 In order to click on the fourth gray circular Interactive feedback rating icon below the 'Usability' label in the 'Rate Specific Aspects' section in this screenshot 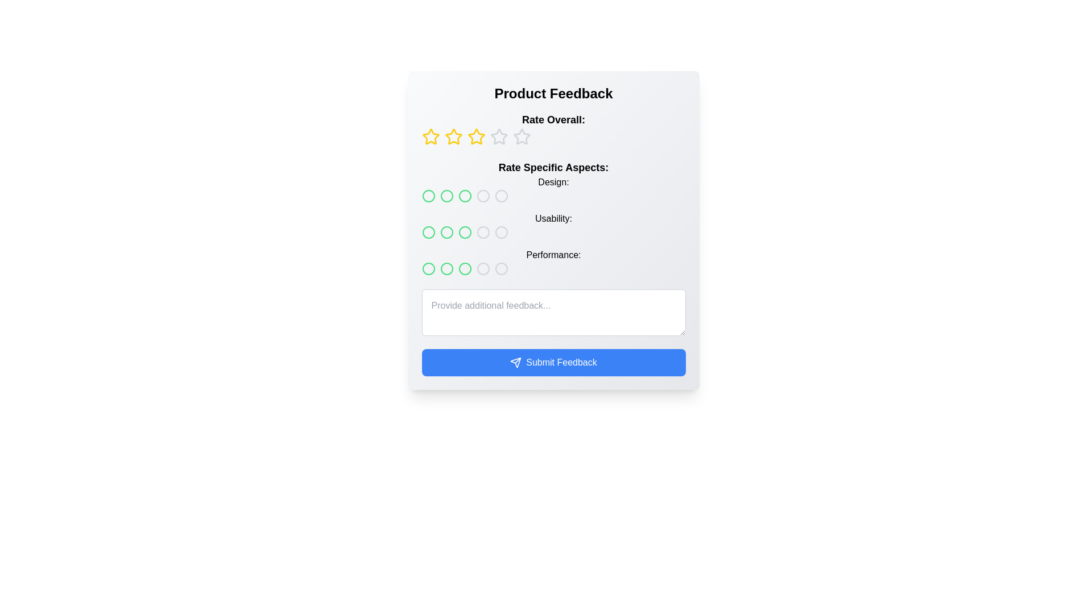, I will do `click(483, 231)`.